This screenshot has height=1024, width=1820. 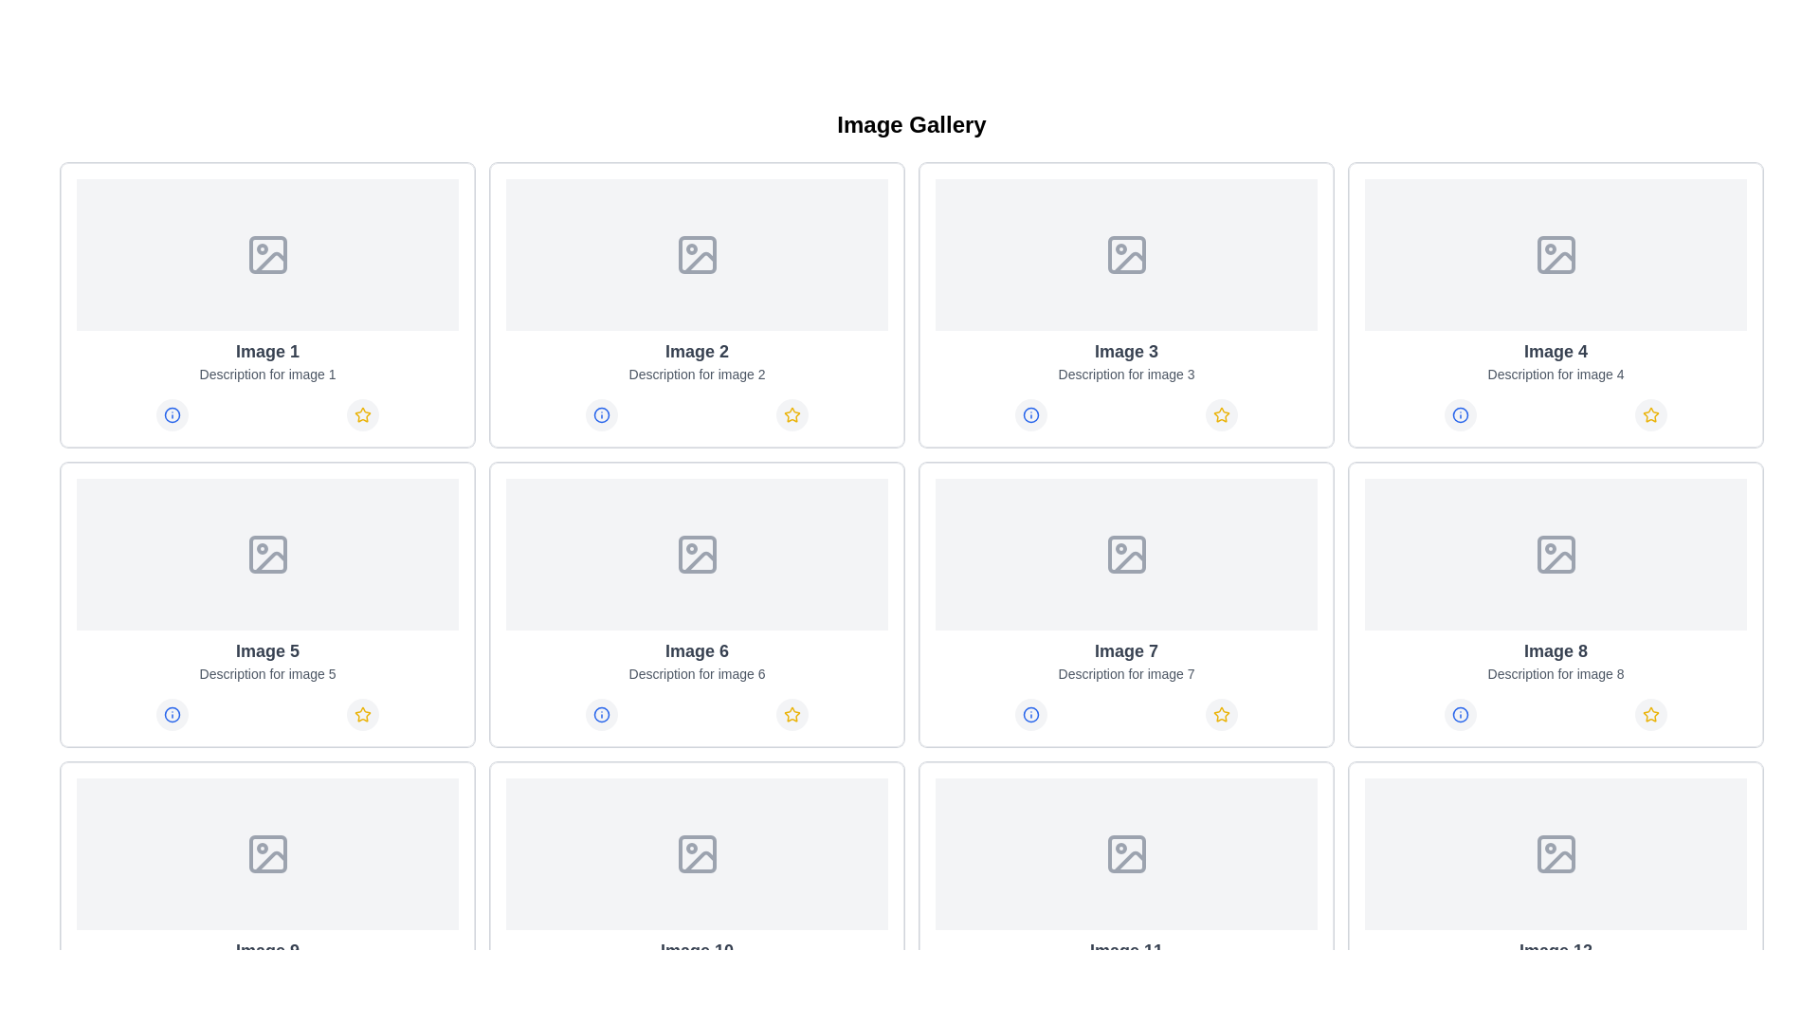 I want to click on the informational hint button located in the second row and third column of the grid layout, so click(x=1029, y=414).